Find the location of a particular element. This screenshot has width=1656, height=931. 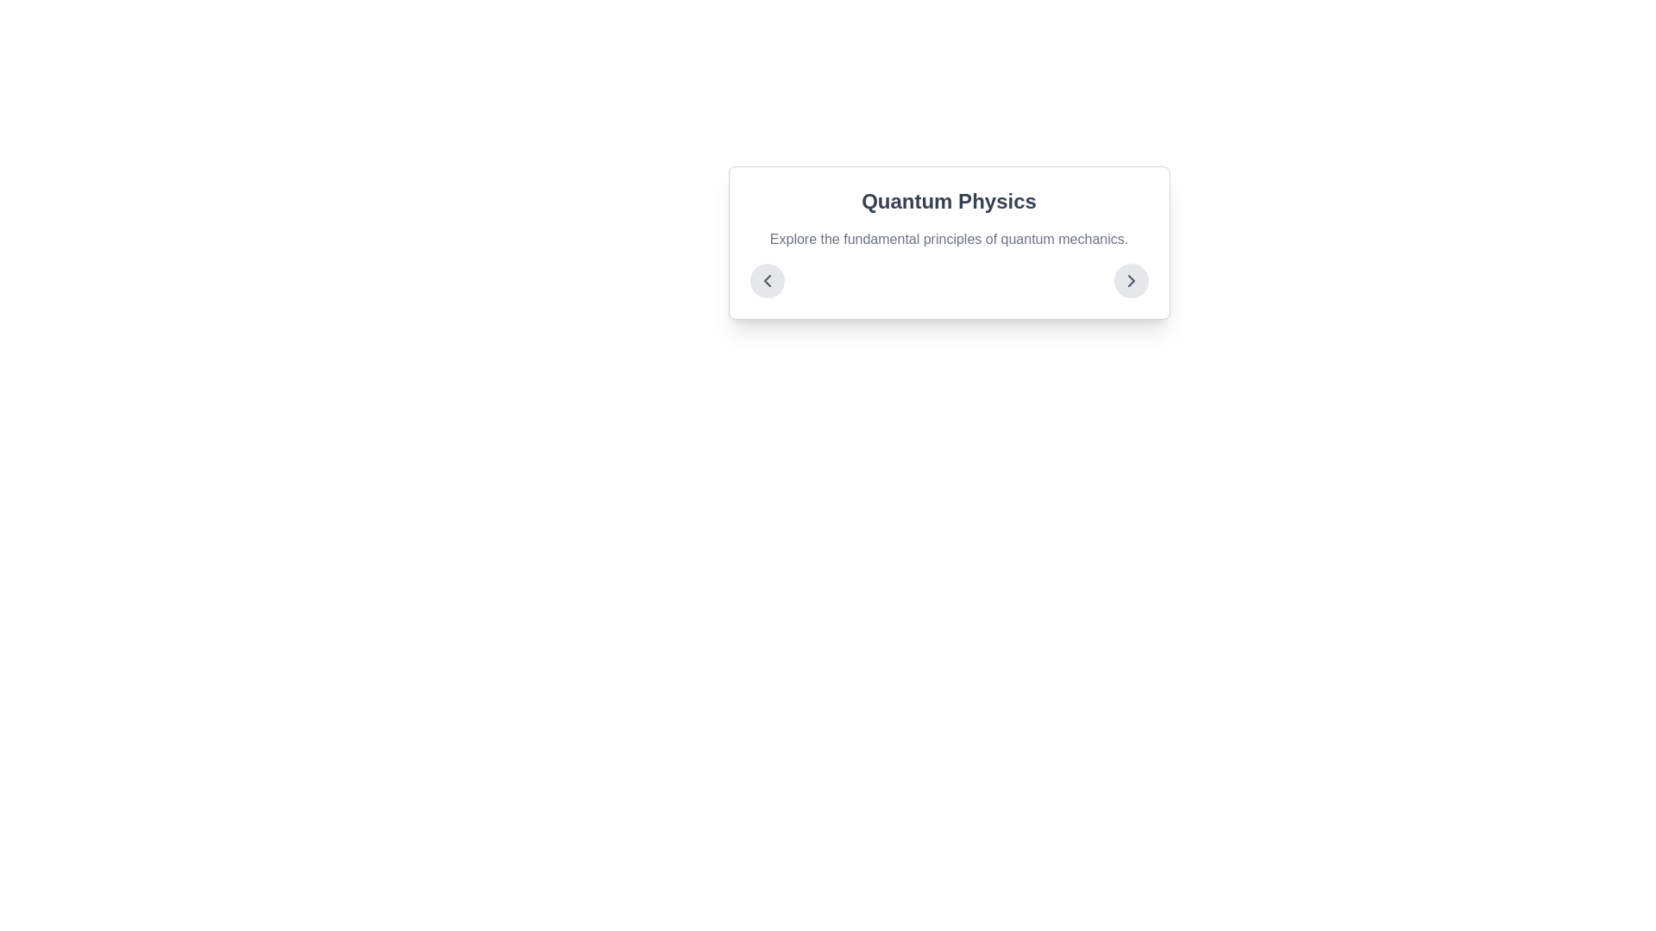

informational text within the central Content block that provides an overview of quantum mechanics is located at coordinates (948, 242).